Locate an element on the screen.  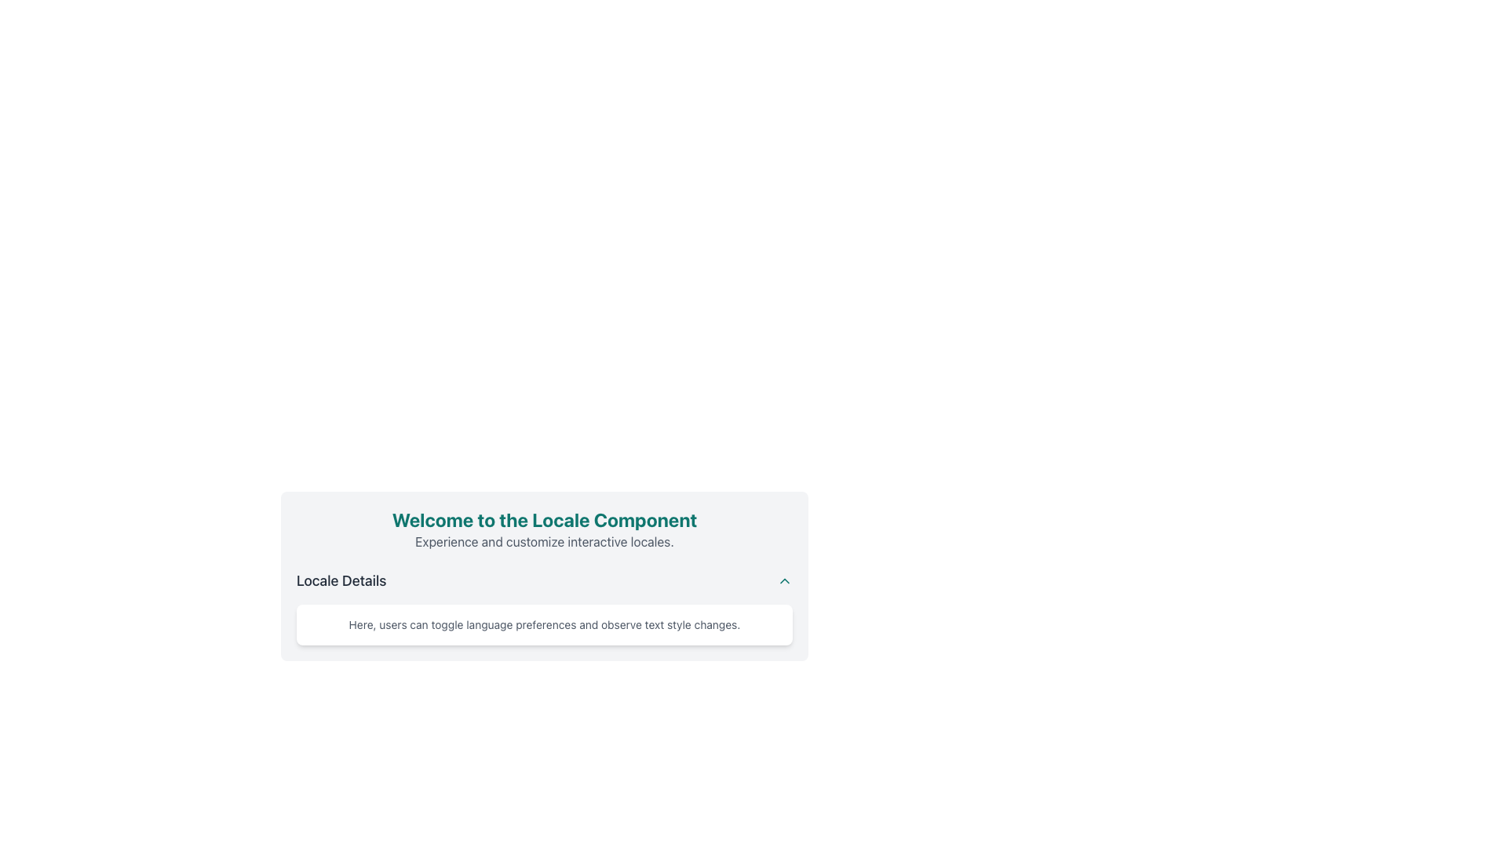
the button located in the top-right corner of the 'Locale Details' section to get more information is located at coordinates (784, 580).